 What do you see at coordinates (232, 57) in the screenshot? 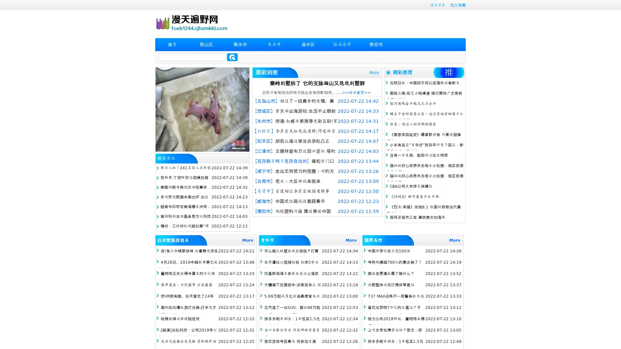
I see `Search` at bounding box center [232, 57].